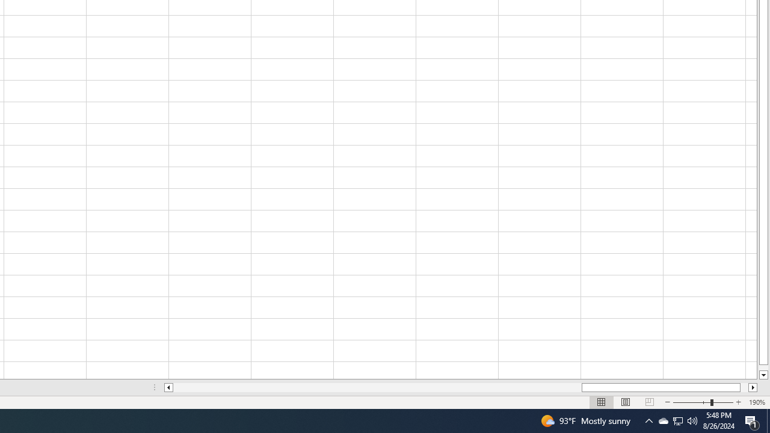  What do you see at coordinates (744, 387) in the screenshot?
I see `'Page right'` at bounding box center [744, 387].